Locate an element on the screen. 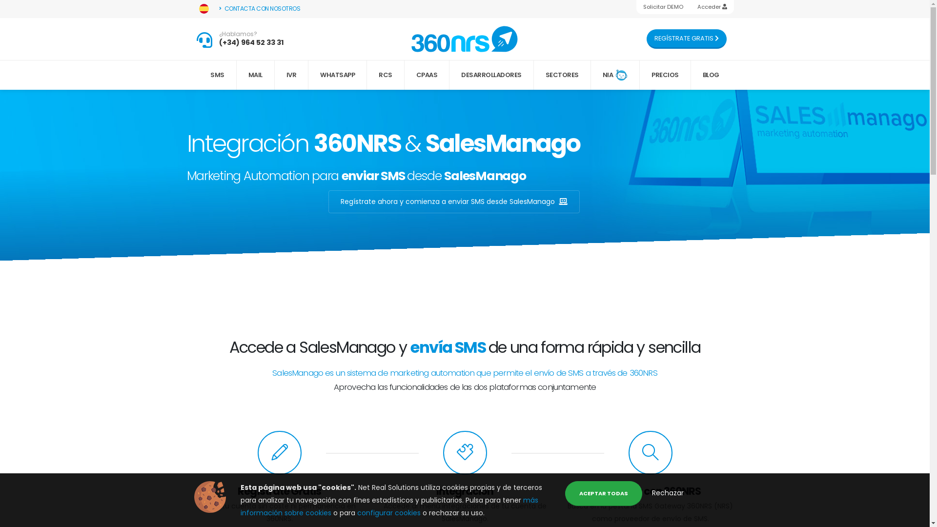 The image size is (937, 527). 'Rechazar' is located at coordinates (667, 493).